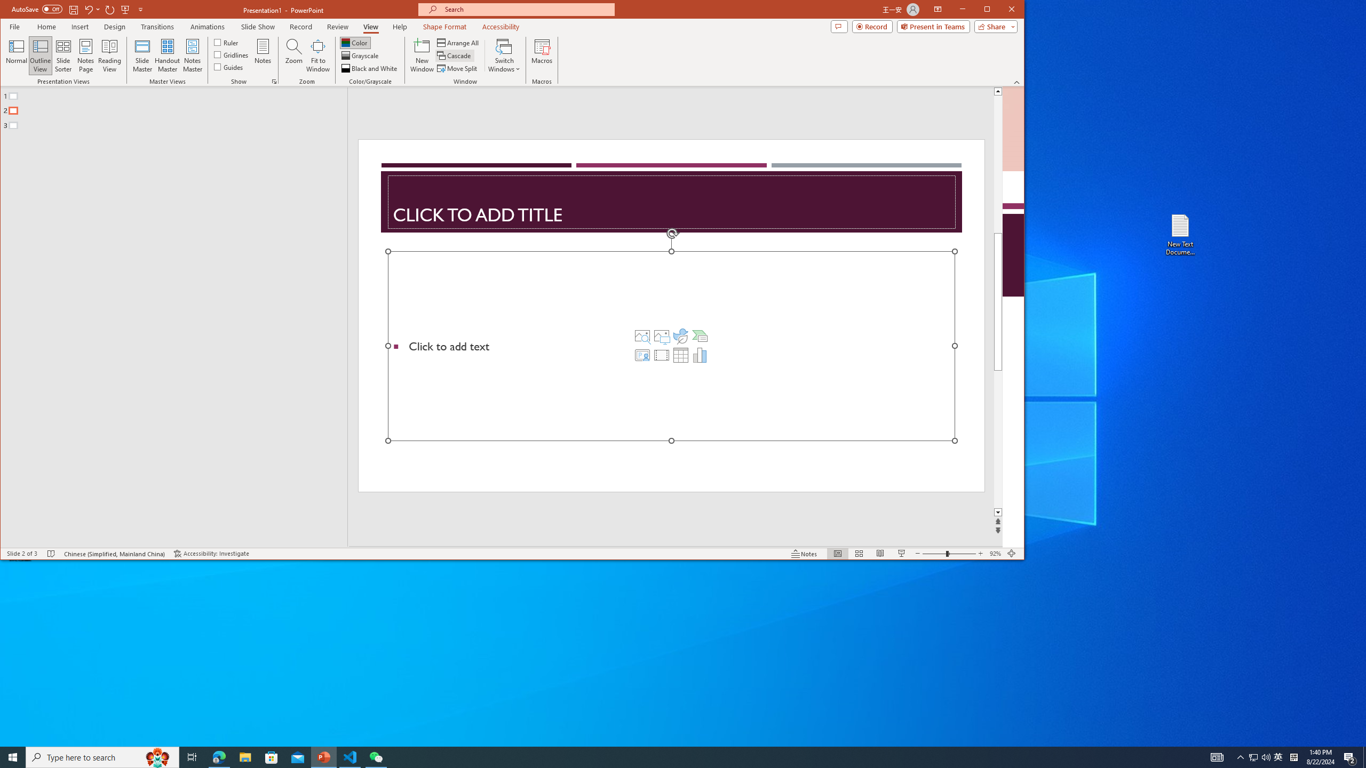 Image resolution: width=1366 pixels, height=768 pixels. Describe the element at coordinates (263, 55) in the screenshot. I see `'Notes'` at that location.